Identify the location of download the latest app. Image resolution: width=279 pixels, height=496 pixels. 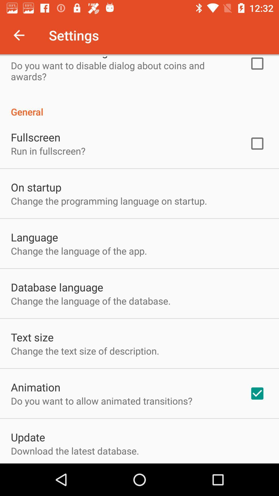
(75, 451).